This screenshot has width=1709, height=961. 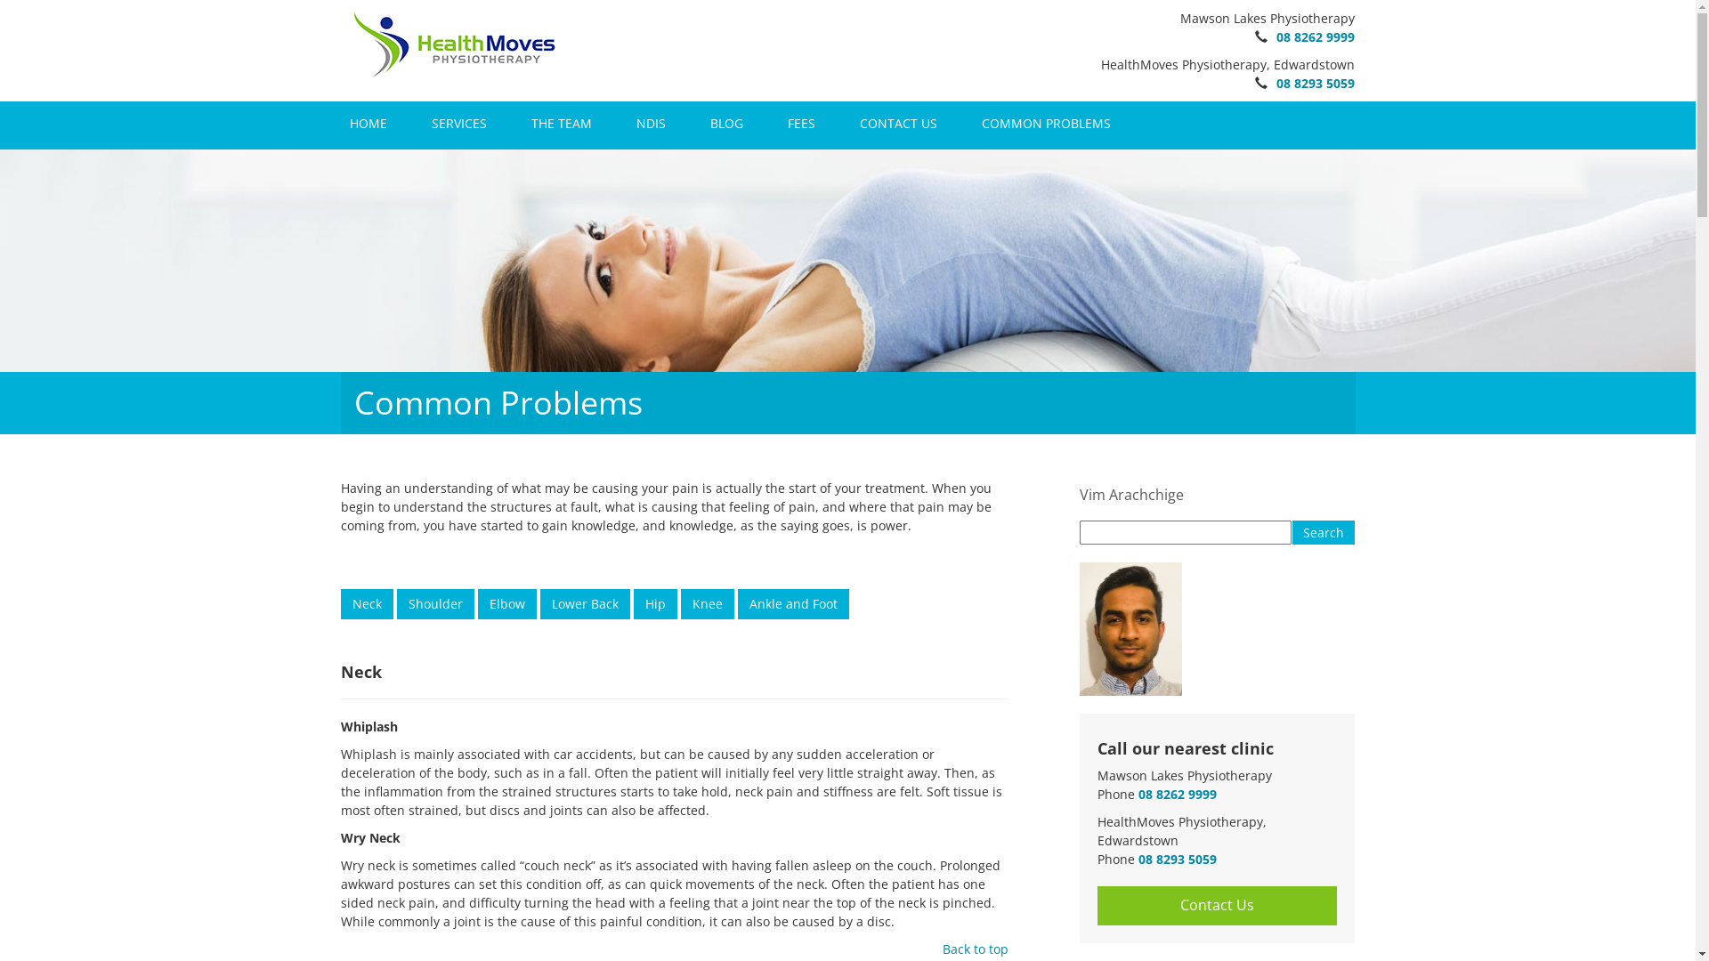 What do you see at coordinates (973, 948) in the screenshot?
I see `'Back to top'` at bounding box center [973, 948].